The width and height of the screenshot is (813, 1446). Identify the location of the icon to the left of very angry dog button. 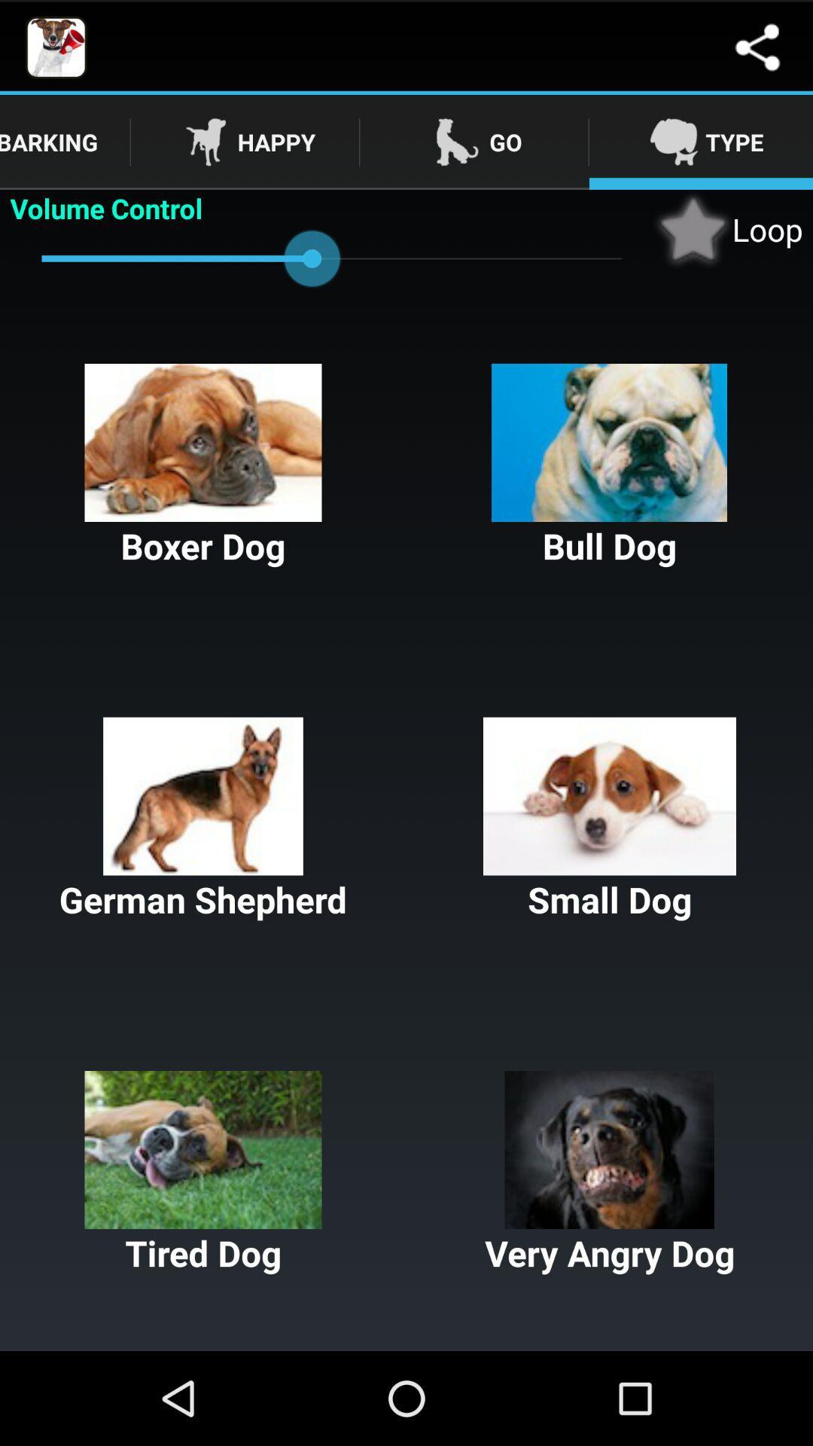
(203, 1173).